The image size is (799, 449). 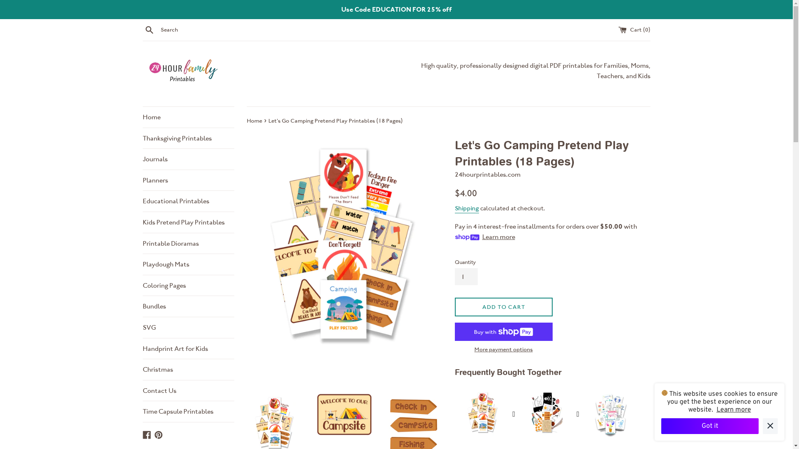 I want to click on 'Coloring Pages', so click(x=187, y=285).